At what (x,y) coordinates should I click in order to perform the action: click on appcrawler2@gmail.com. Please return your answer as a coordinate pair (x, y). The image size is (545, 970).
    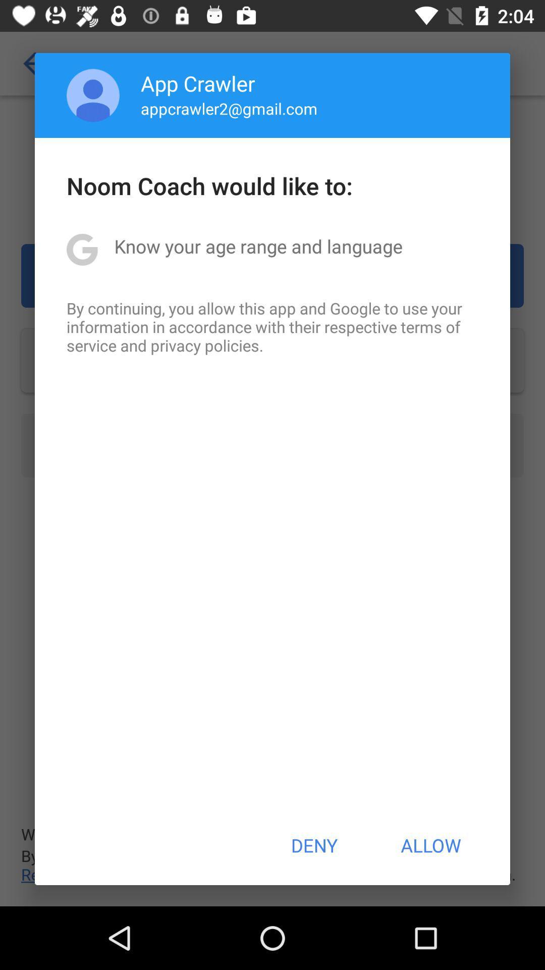
    Looking at the image, I should click on (229, 108).